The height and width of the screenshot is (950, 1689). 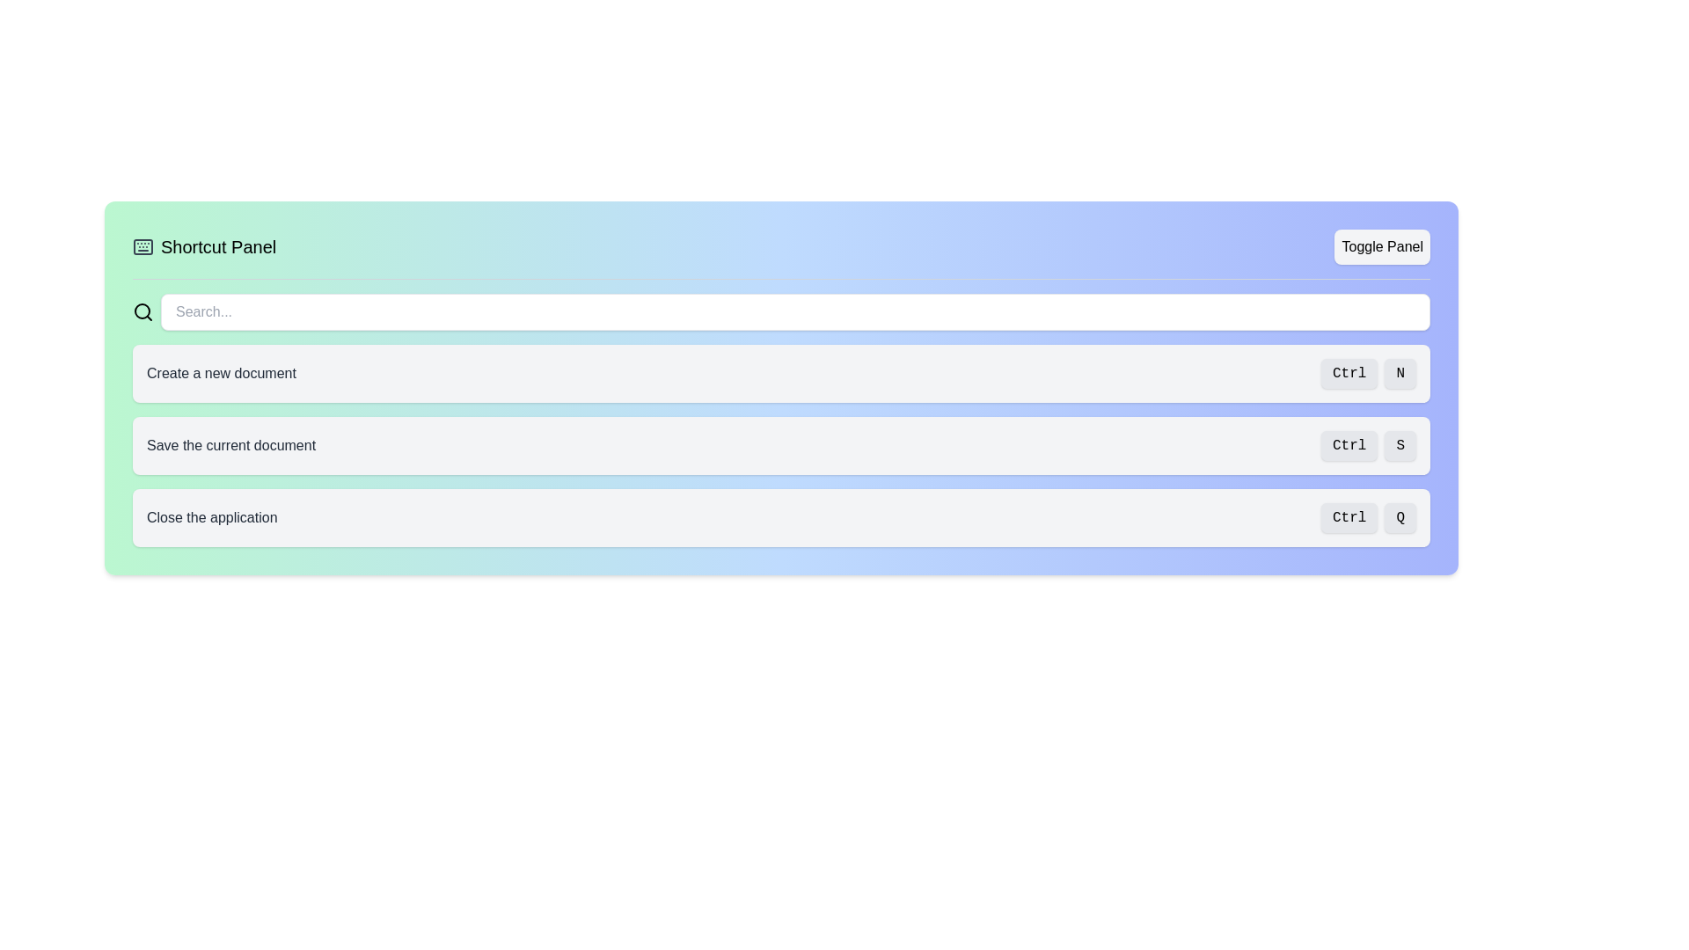 What do you see at coordinates (1400, 444) in the screenshot?
I see `the informational label button displaying 'S', which is the second button in a horizontal group next to the 'Ctrl' button, located at the right end of the second row of interactive items in the panel` at bounding box center [1400, 444].